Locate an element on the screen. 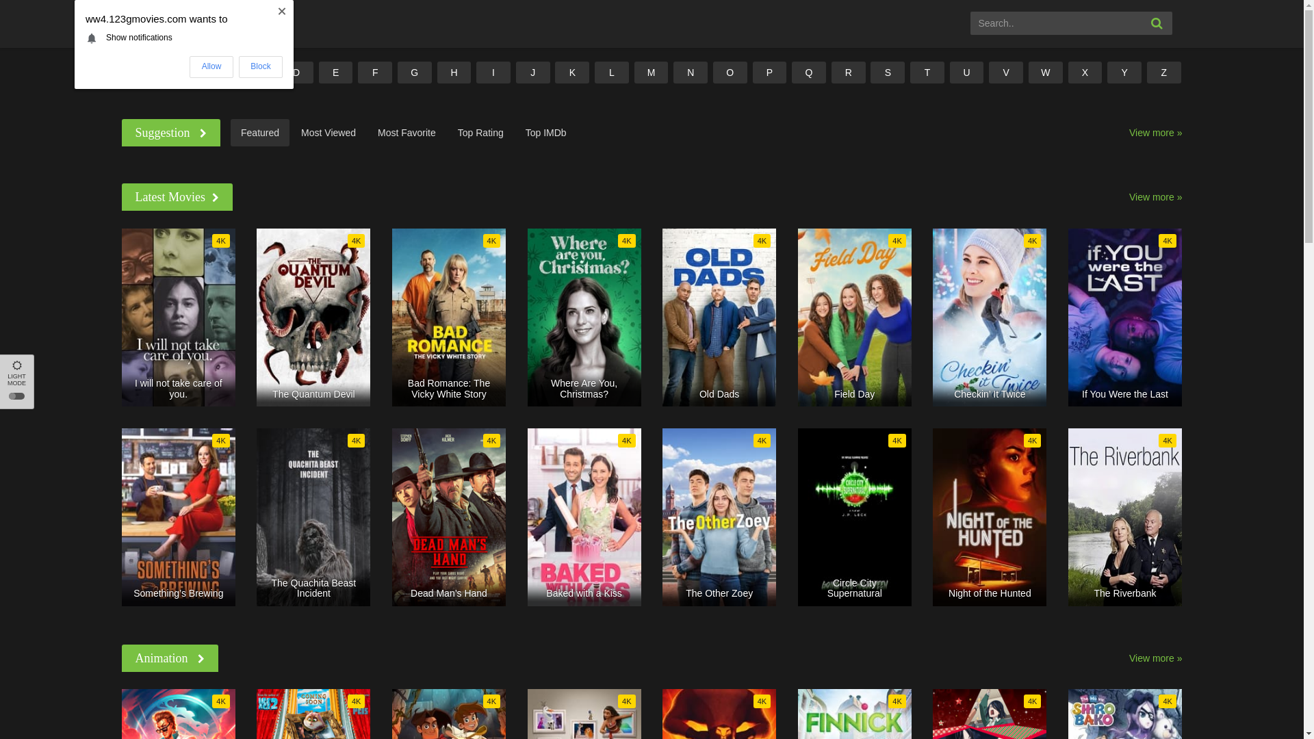  'H' is located at coordinates (454, 72).